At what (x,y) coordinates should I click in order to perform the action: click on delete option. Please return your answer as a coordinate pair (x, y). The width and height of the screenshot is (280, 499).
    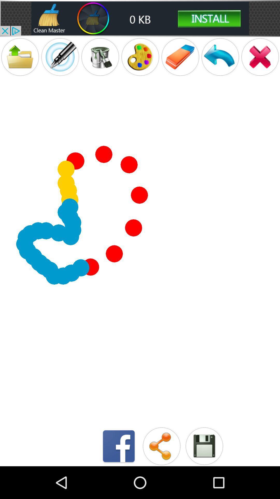
    Looking at the image, I should click on (260, 57).